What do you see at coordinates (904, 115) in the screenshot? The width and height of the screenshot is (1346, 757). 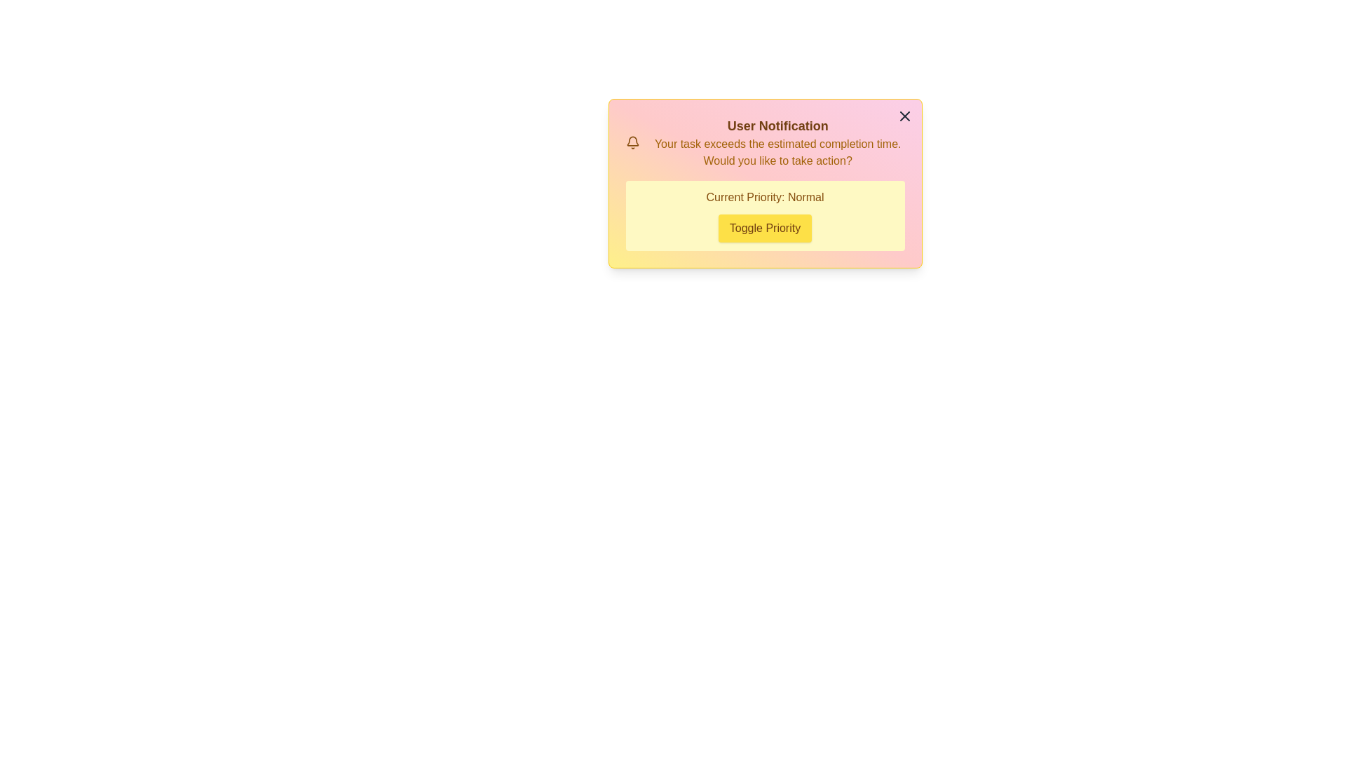 I see `the close button in the top-right corner of the alert` at bounding box center [904, 115].